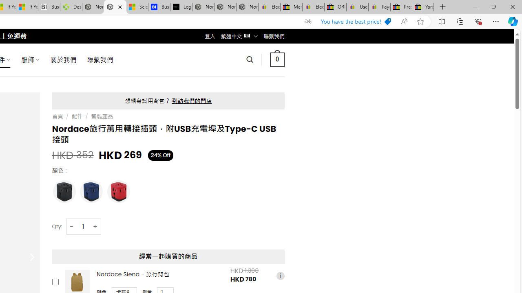 This screenshot has width=522, height=293. Describe the element at coordinates (277, 59) in the screenshot. I see `' 0 '` at that location.